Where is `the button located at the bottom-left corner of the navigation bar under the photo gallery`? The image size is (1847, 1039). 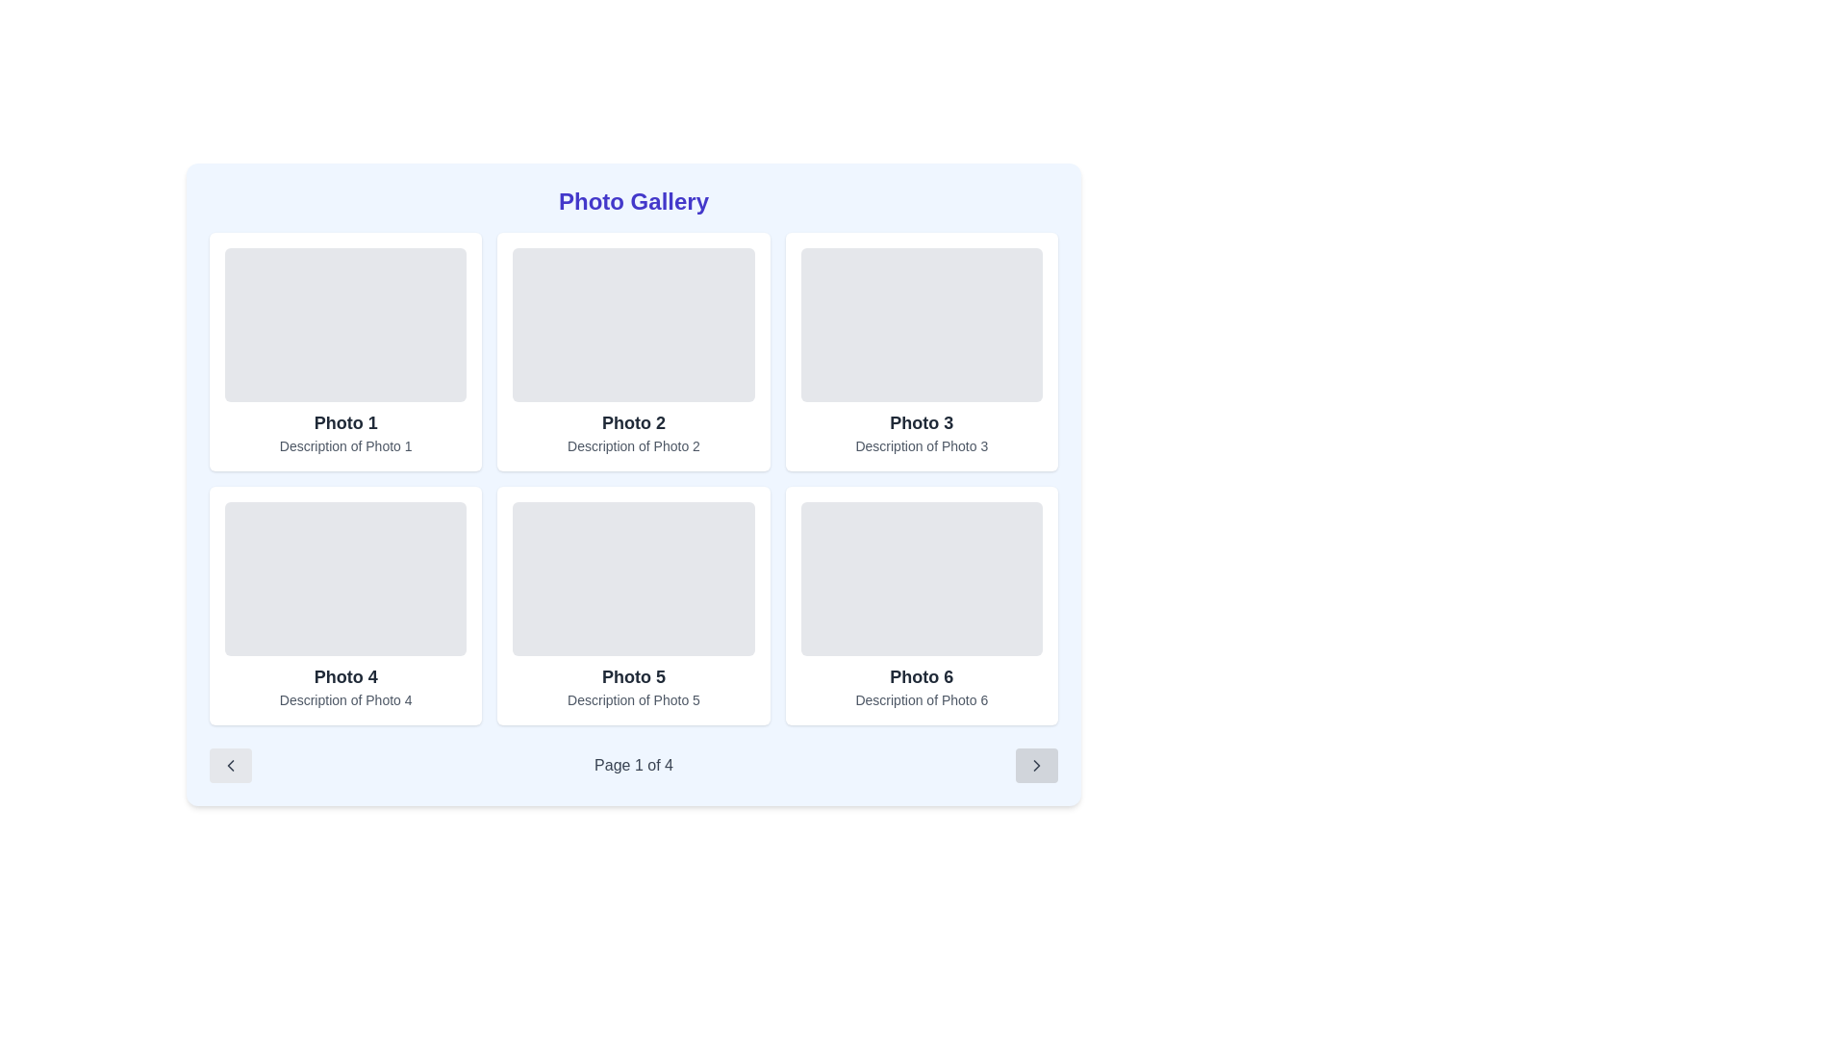
the button located at the bottom-left corner of the navigation bar under the photo gallery is located at coordinates (231, 764).